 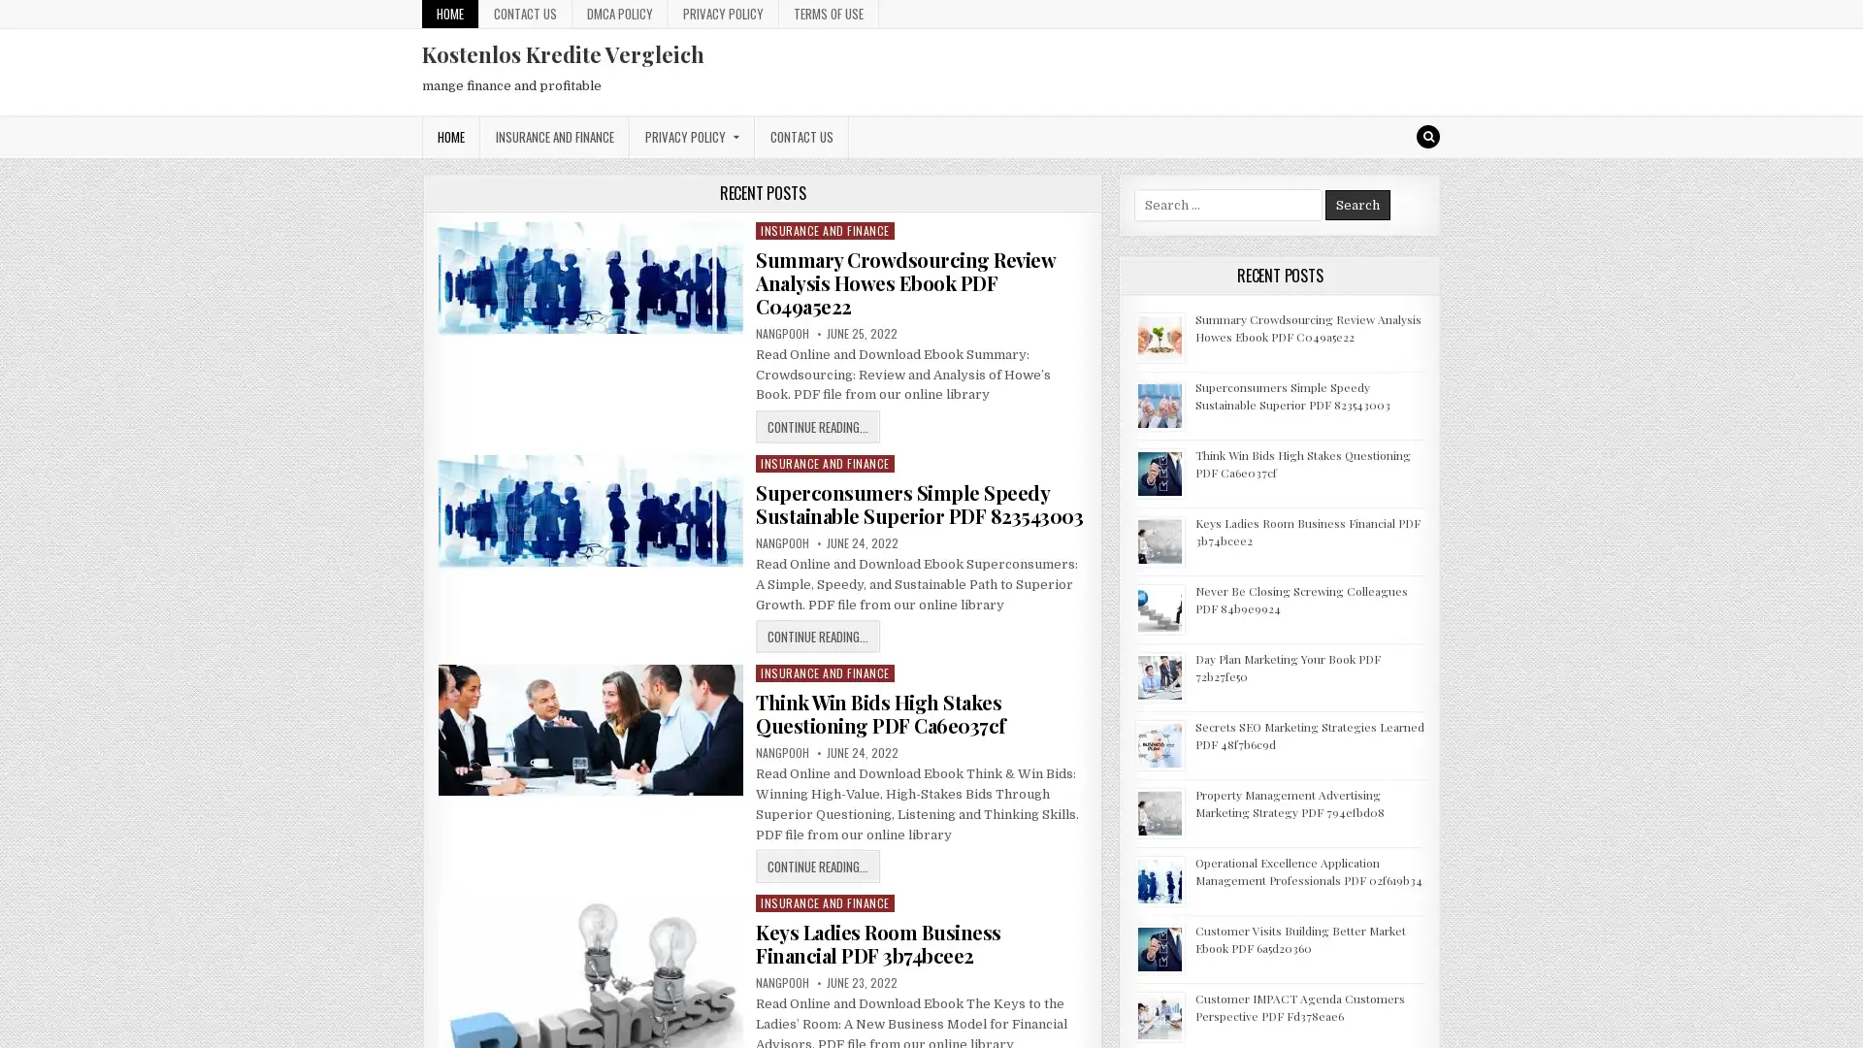 I want to click on Search, so click(x=1356, y=205).